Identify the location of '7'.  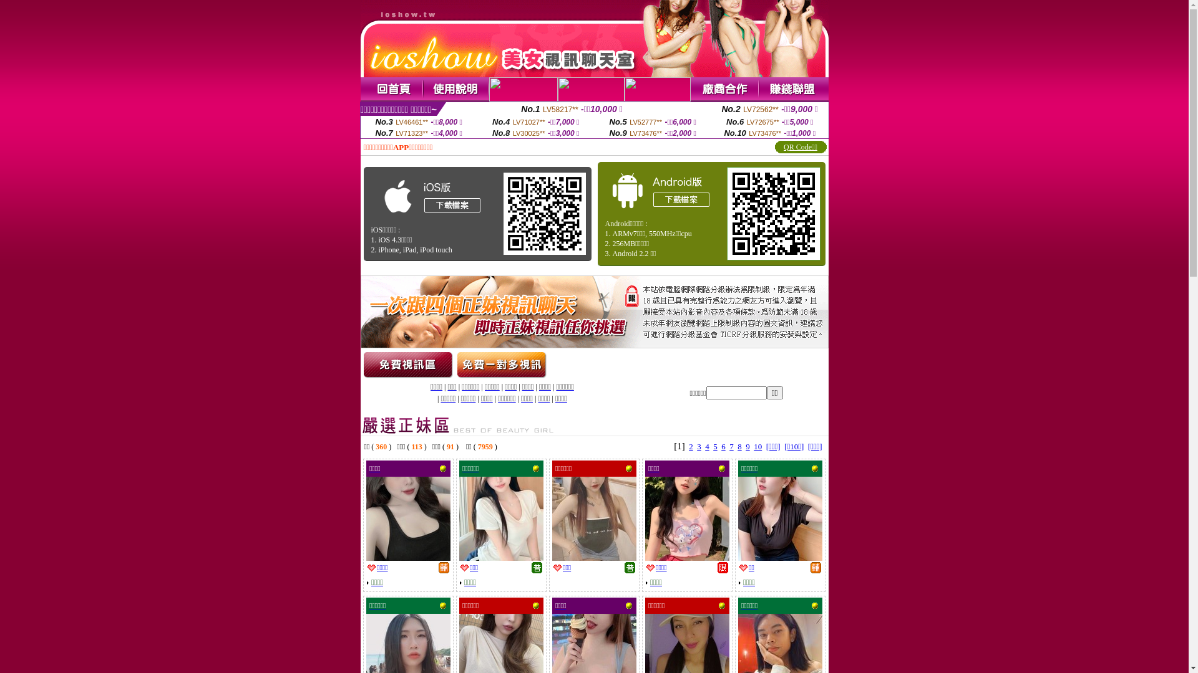
(731, 446).